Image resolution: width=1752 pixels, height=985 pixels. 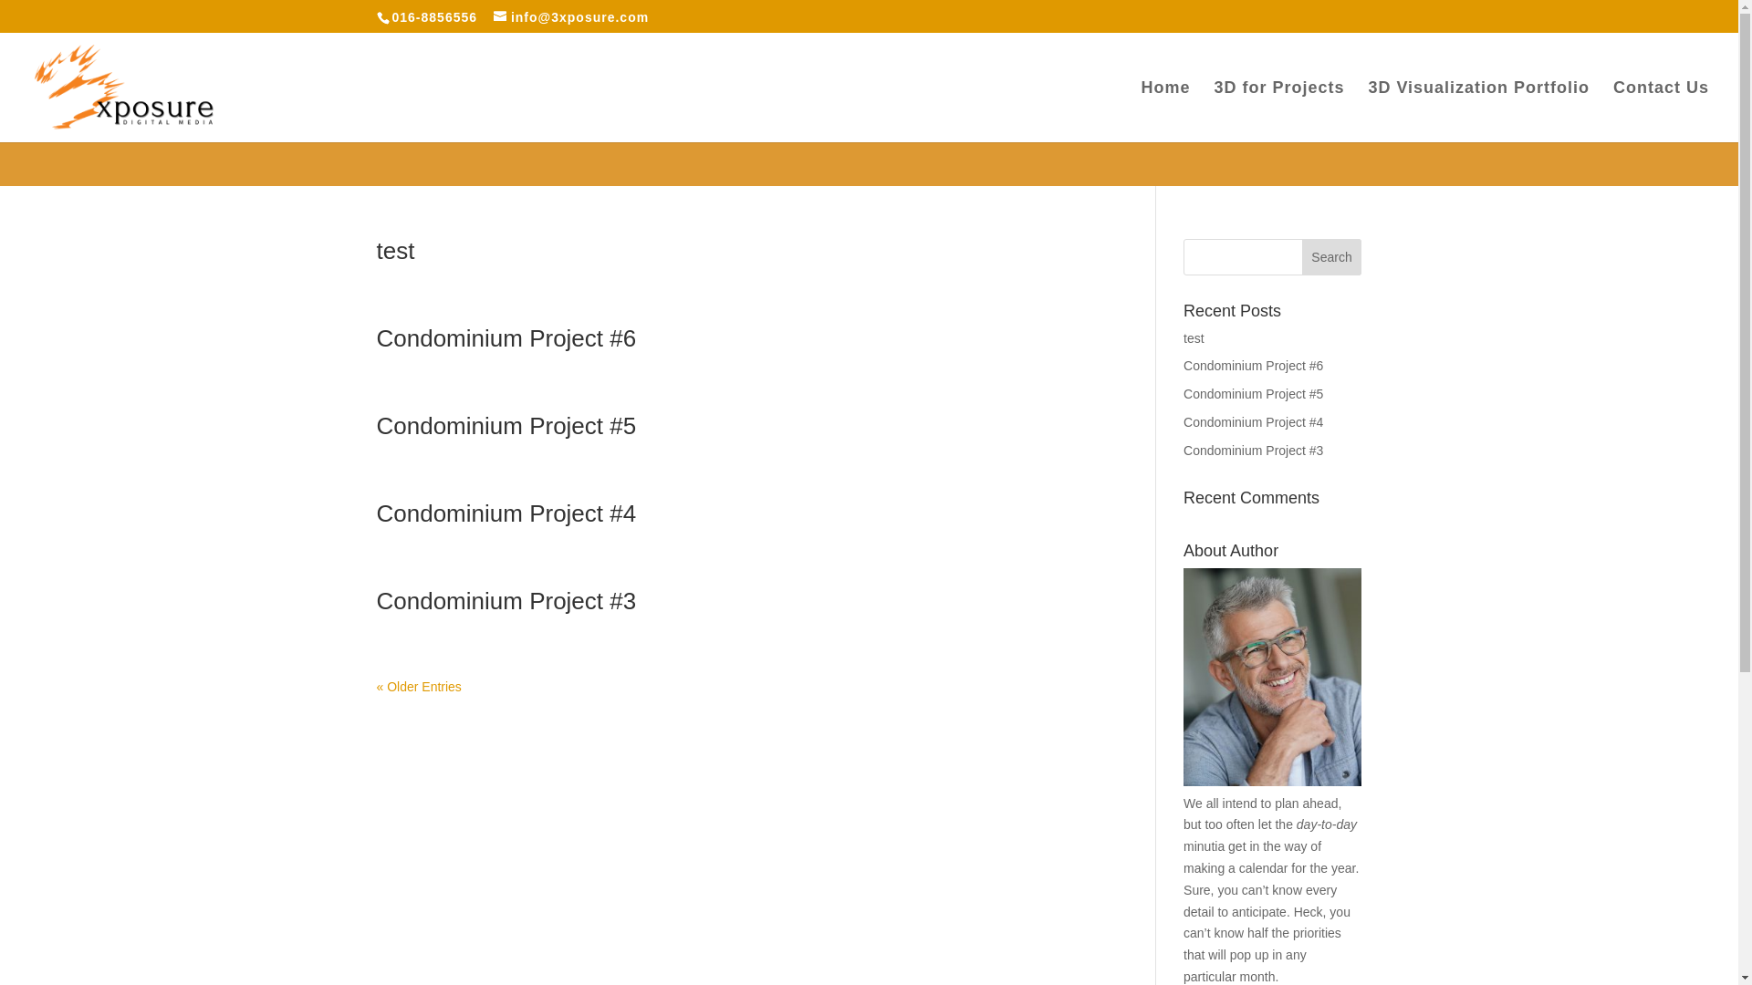 I want to click on 'Contact Us', so click(x=1661, y=111).